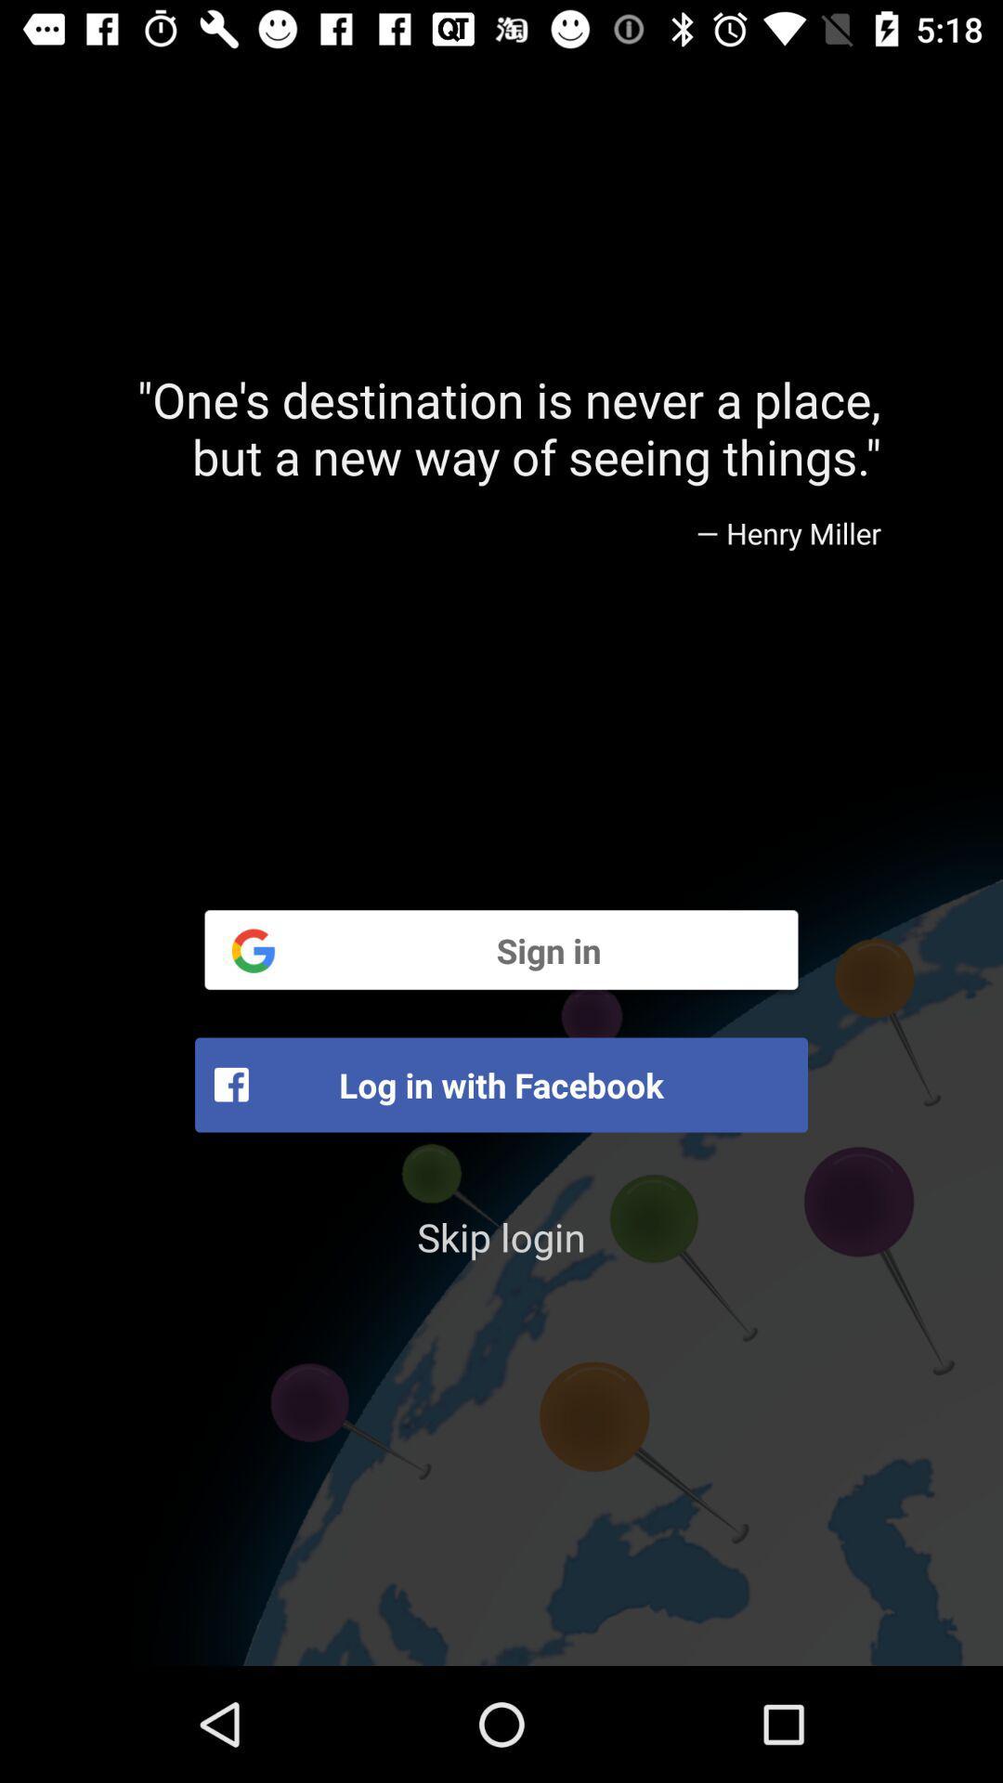 The image size is (1003, 1783). Describe the element at coordinates (501, 949) in the screenshot. I see `the icon above the log in with icon` at that location.